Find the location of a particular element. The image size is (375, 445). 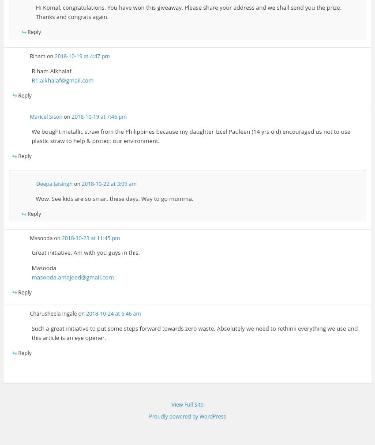

'R1.alkhalaf@gmail.com' is located at coordinates (62, 80).